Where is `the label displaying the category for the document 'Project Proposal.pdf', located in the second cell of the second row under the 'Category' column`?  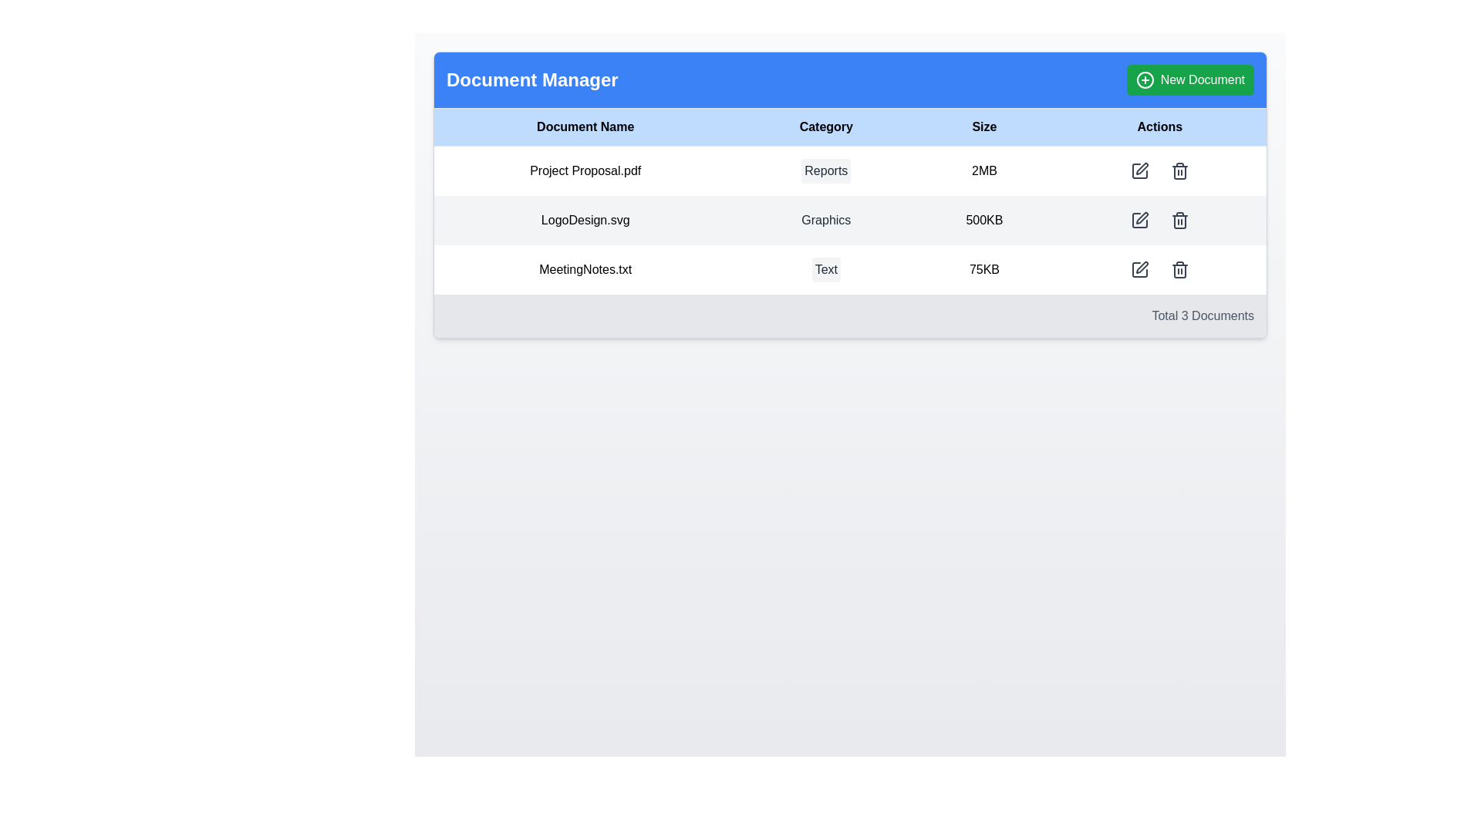
the label displaying the category for the document 'Project Proposal.pdf', located in the second cell of the second row under the 'Category' column is located at coordinates (825, 170).